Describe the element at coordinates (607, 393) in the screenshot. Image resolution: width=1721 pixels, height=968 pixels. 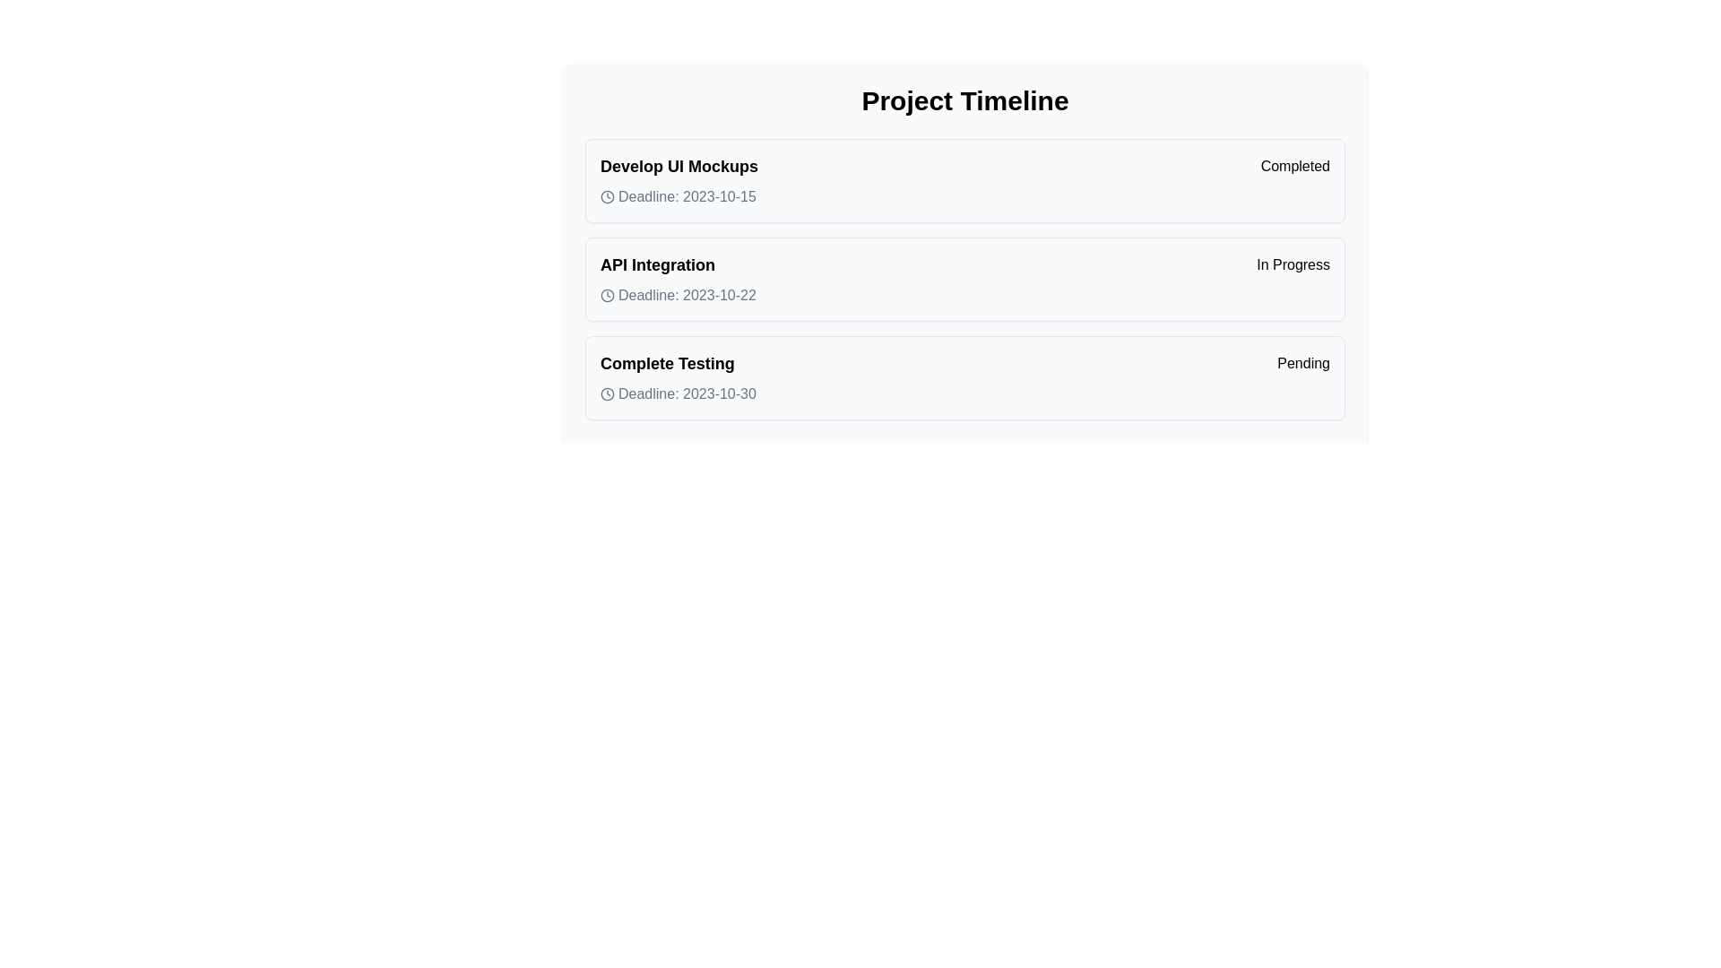
I see `the outermost circle icon representing a clock, located next to the label 'Complete Testing' under the Project Timeline section` at that location.